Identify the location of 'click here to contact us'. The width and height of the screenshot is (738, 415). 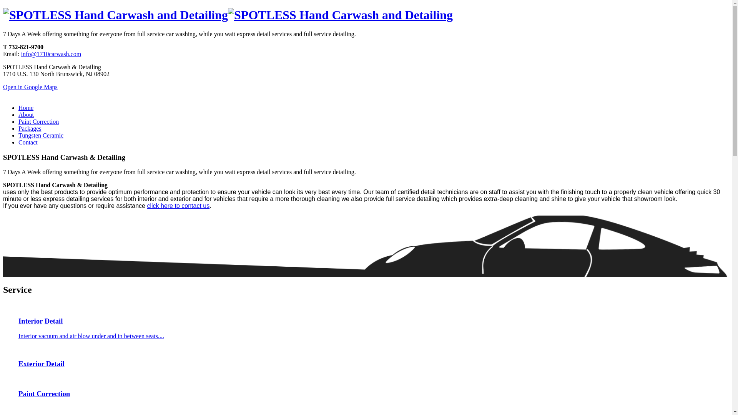
(147, 205).